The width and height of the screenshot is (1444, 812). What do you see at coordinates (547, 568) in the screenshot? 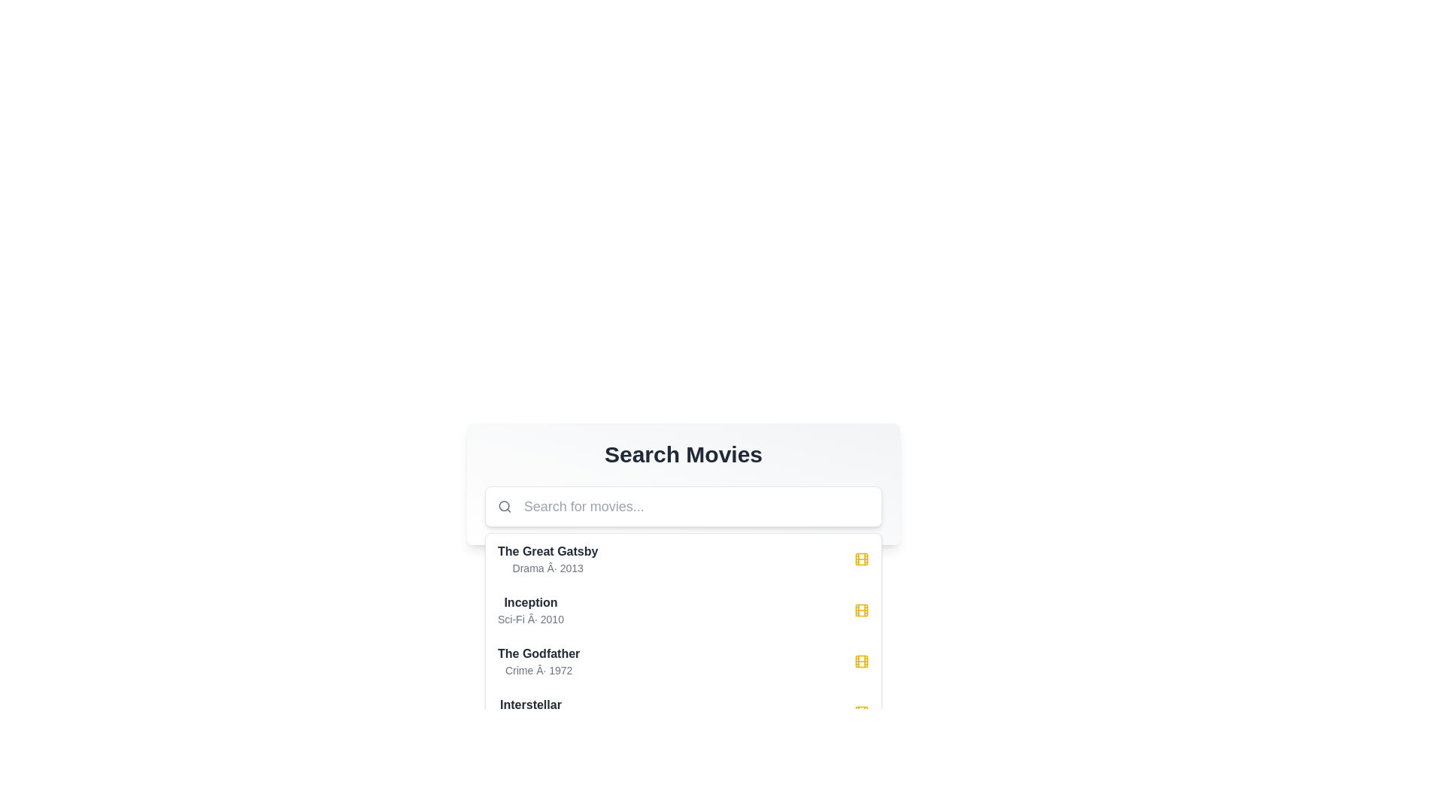
I see `the text display showing 'Drama Â· 2013', located below 'The Great Gatsby' title in the movie search interface` at bounding box center [547, 568].